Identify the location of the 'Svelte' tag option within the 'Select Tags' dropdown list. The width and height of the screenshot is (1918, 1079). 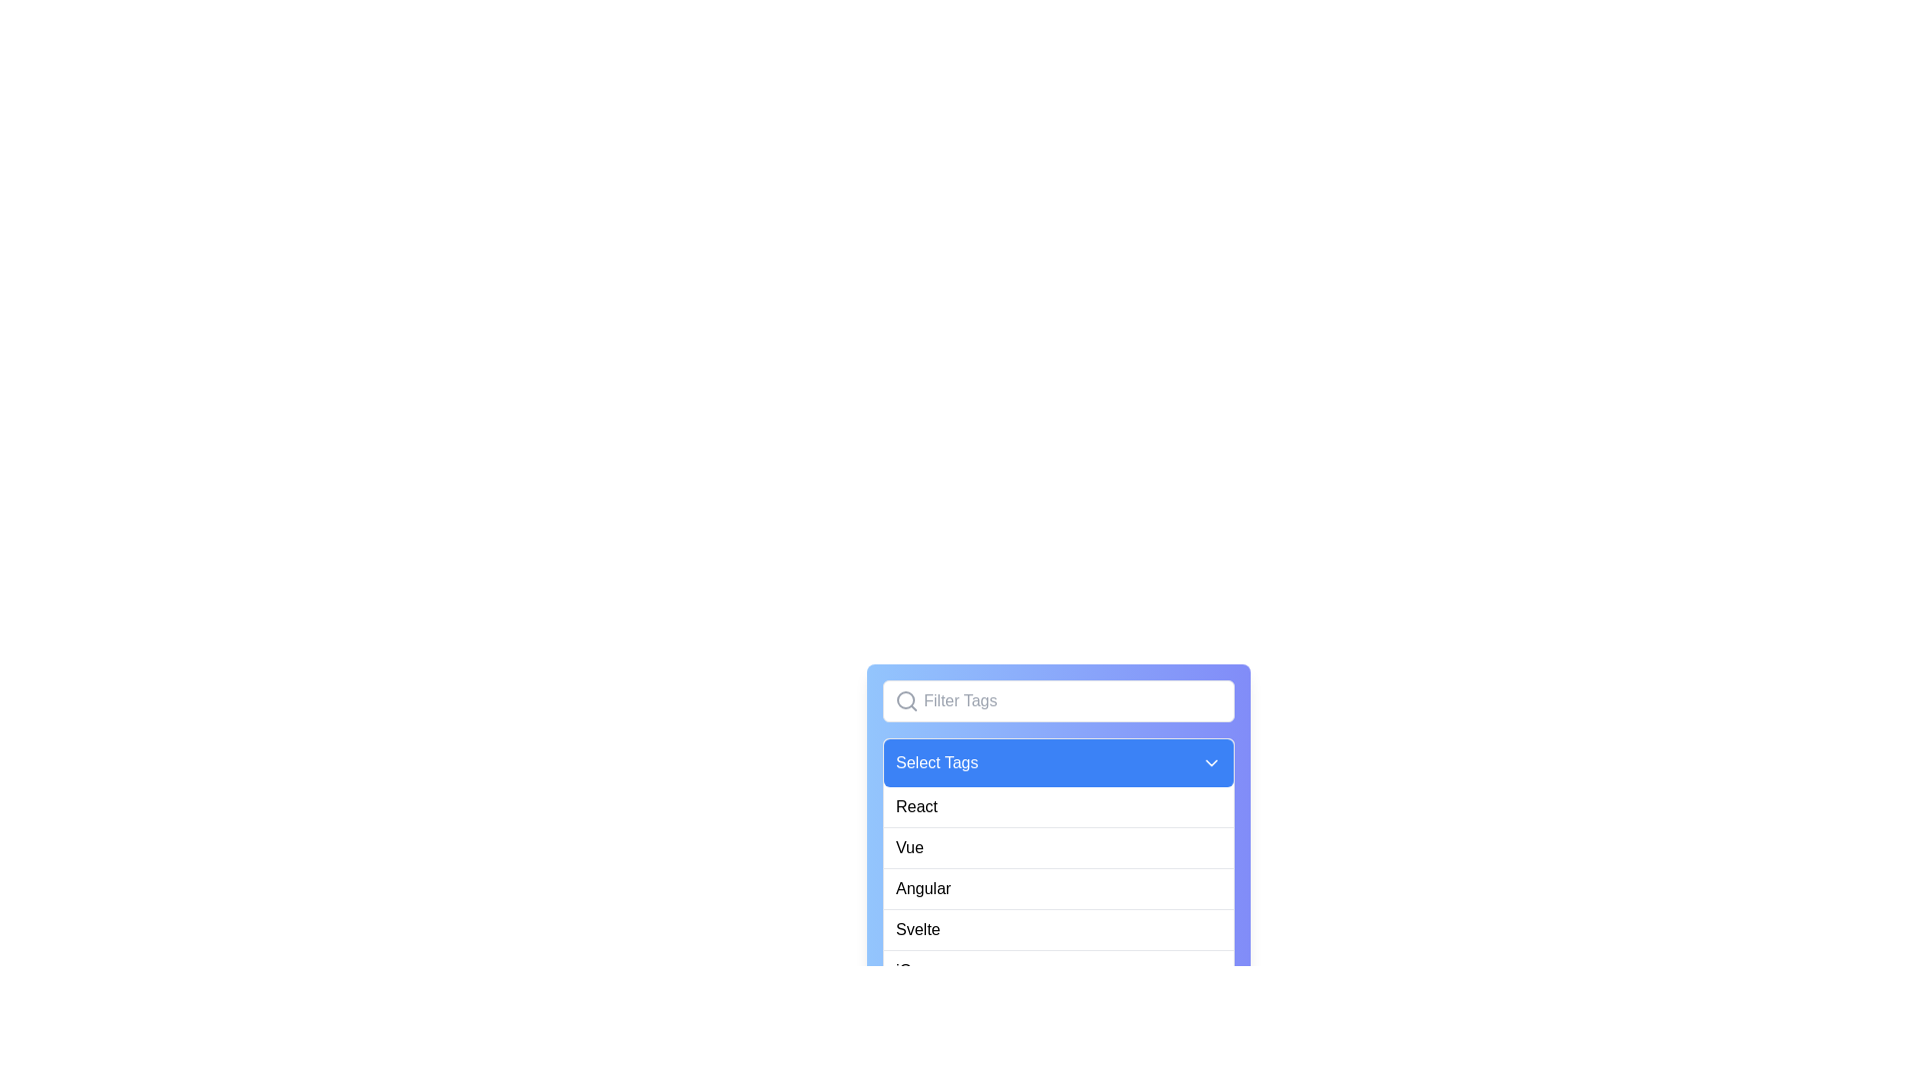
(917, 929).